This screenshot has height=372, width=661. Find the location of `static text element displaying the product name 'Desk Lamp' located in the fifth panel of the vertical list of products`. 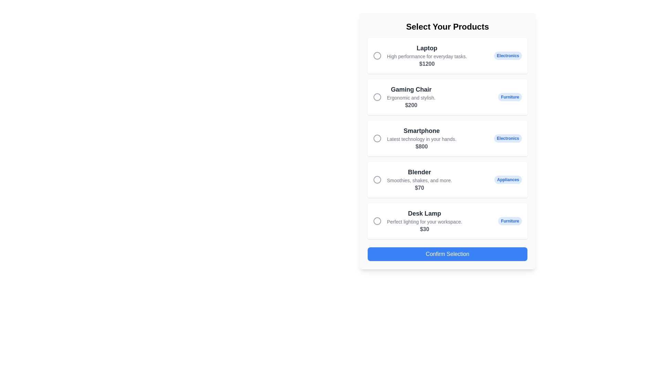

static text element displaying the product name 'Desk Lamp' located in the fifth panel of the vertical list of products is located at coordinates (424, 213).